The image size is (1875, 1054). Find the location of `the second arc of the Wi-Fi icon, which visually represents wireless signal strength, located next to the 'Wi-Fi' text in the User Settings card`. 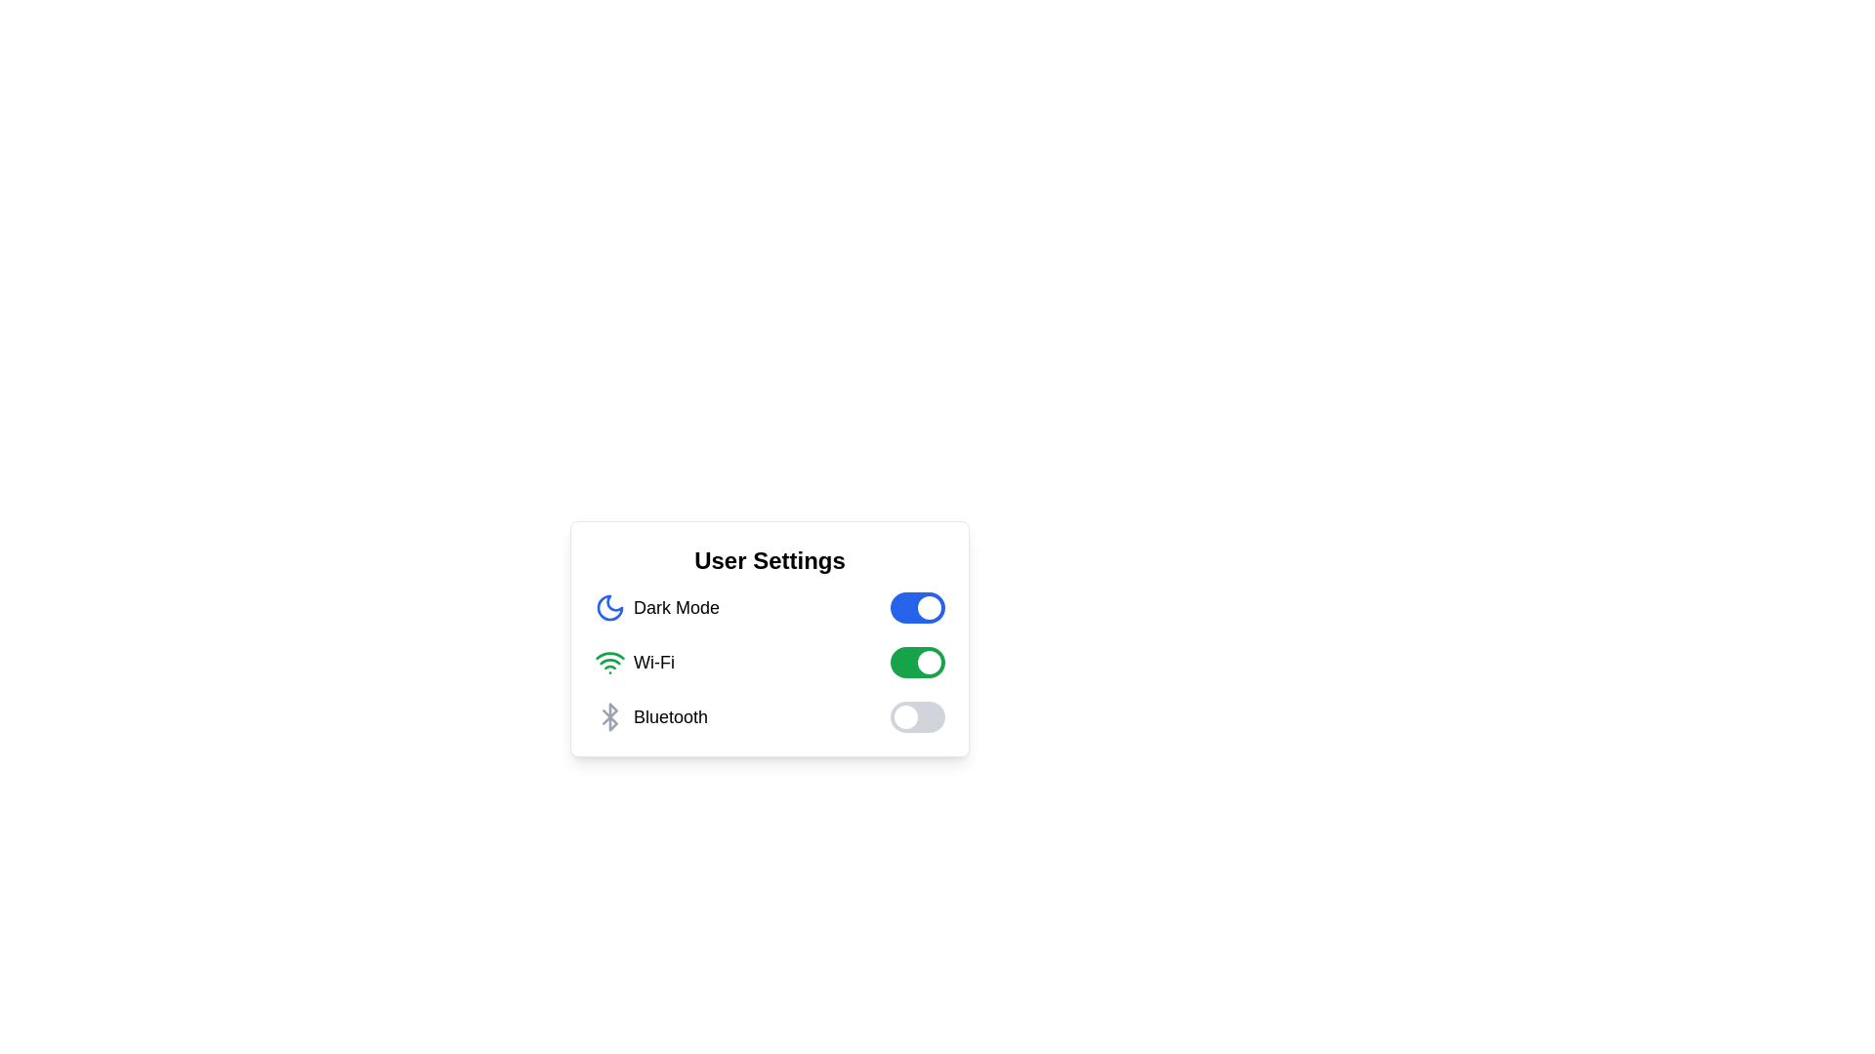

the second arc of the Wi-Fi icon, which visually represents wireless signal strength, located next to the 'Wi-Fi' text in the User Settings card is located at coordinates (608, 655).